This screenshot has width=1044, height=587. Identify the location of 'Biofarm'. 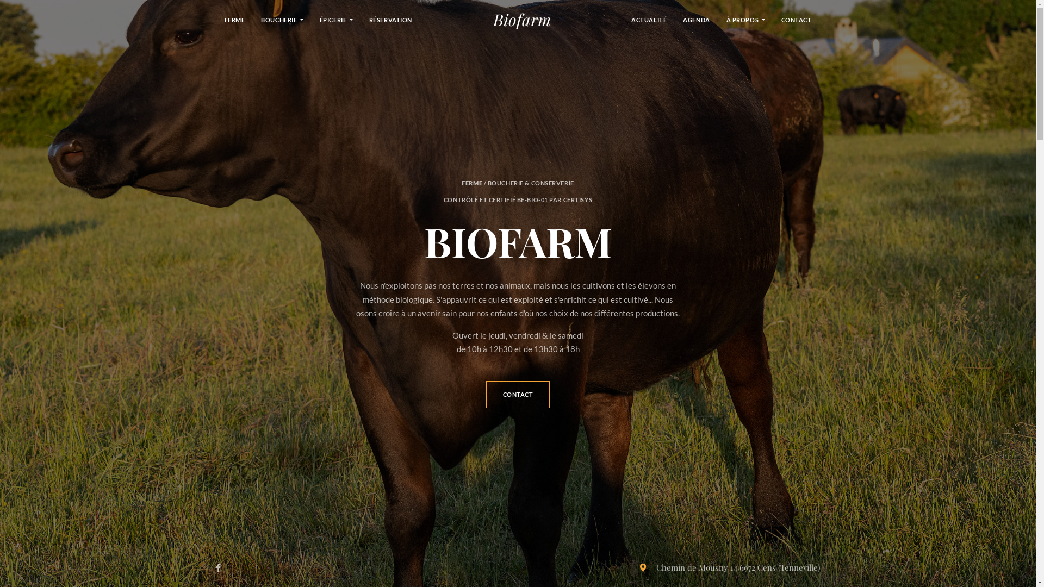
(522, 19).